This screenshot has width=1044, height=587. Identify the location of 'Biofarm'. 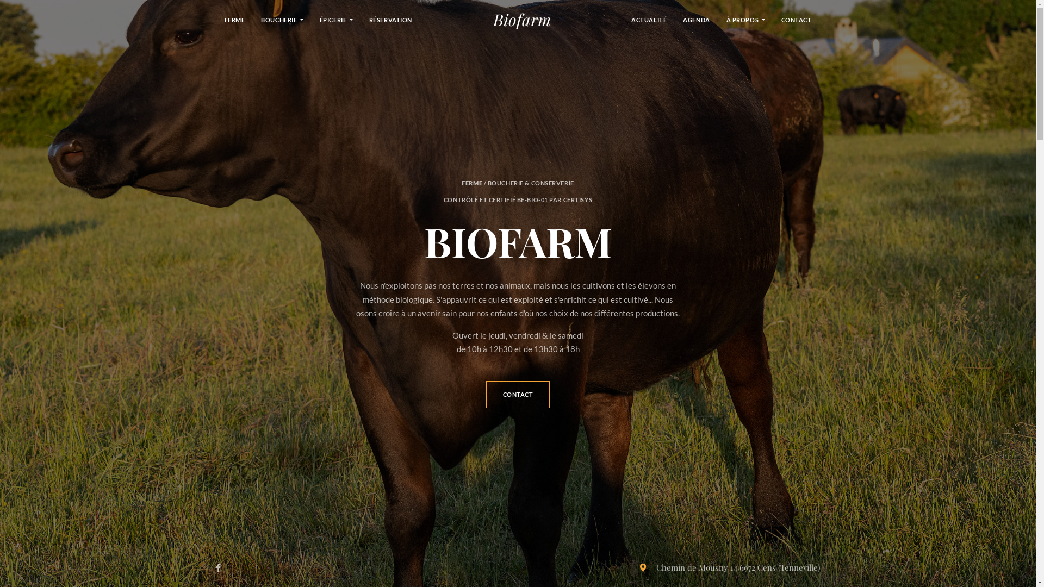
(522, 19).